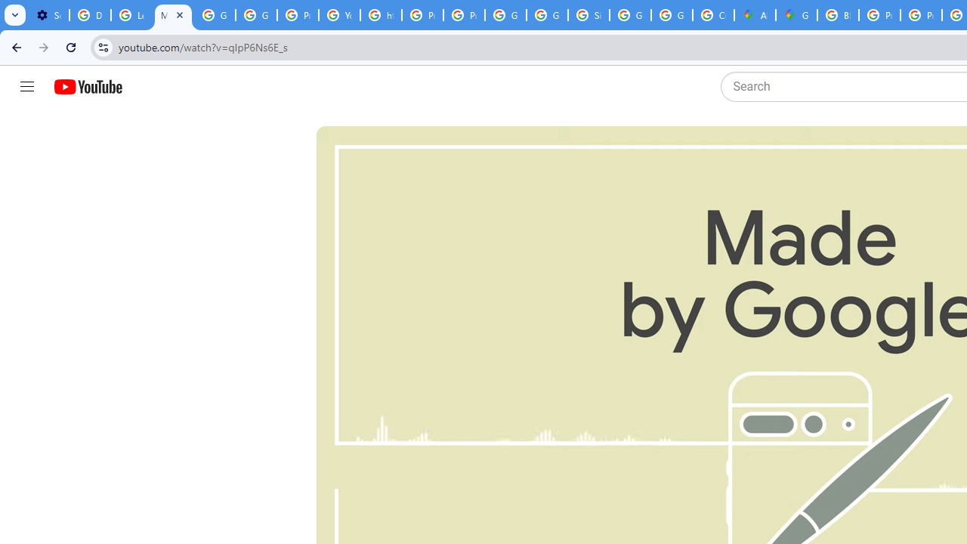 This screenshot has height=544, width=967. What do you see at coordinates (796, 15) in the screenshot?
I see `'Google Maps'` at bounding box center [796, 15].